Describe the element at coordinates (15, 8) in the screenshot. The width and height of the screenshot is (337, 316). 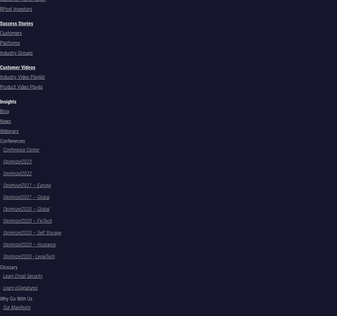
I see `'RPost Investors'` at that location.